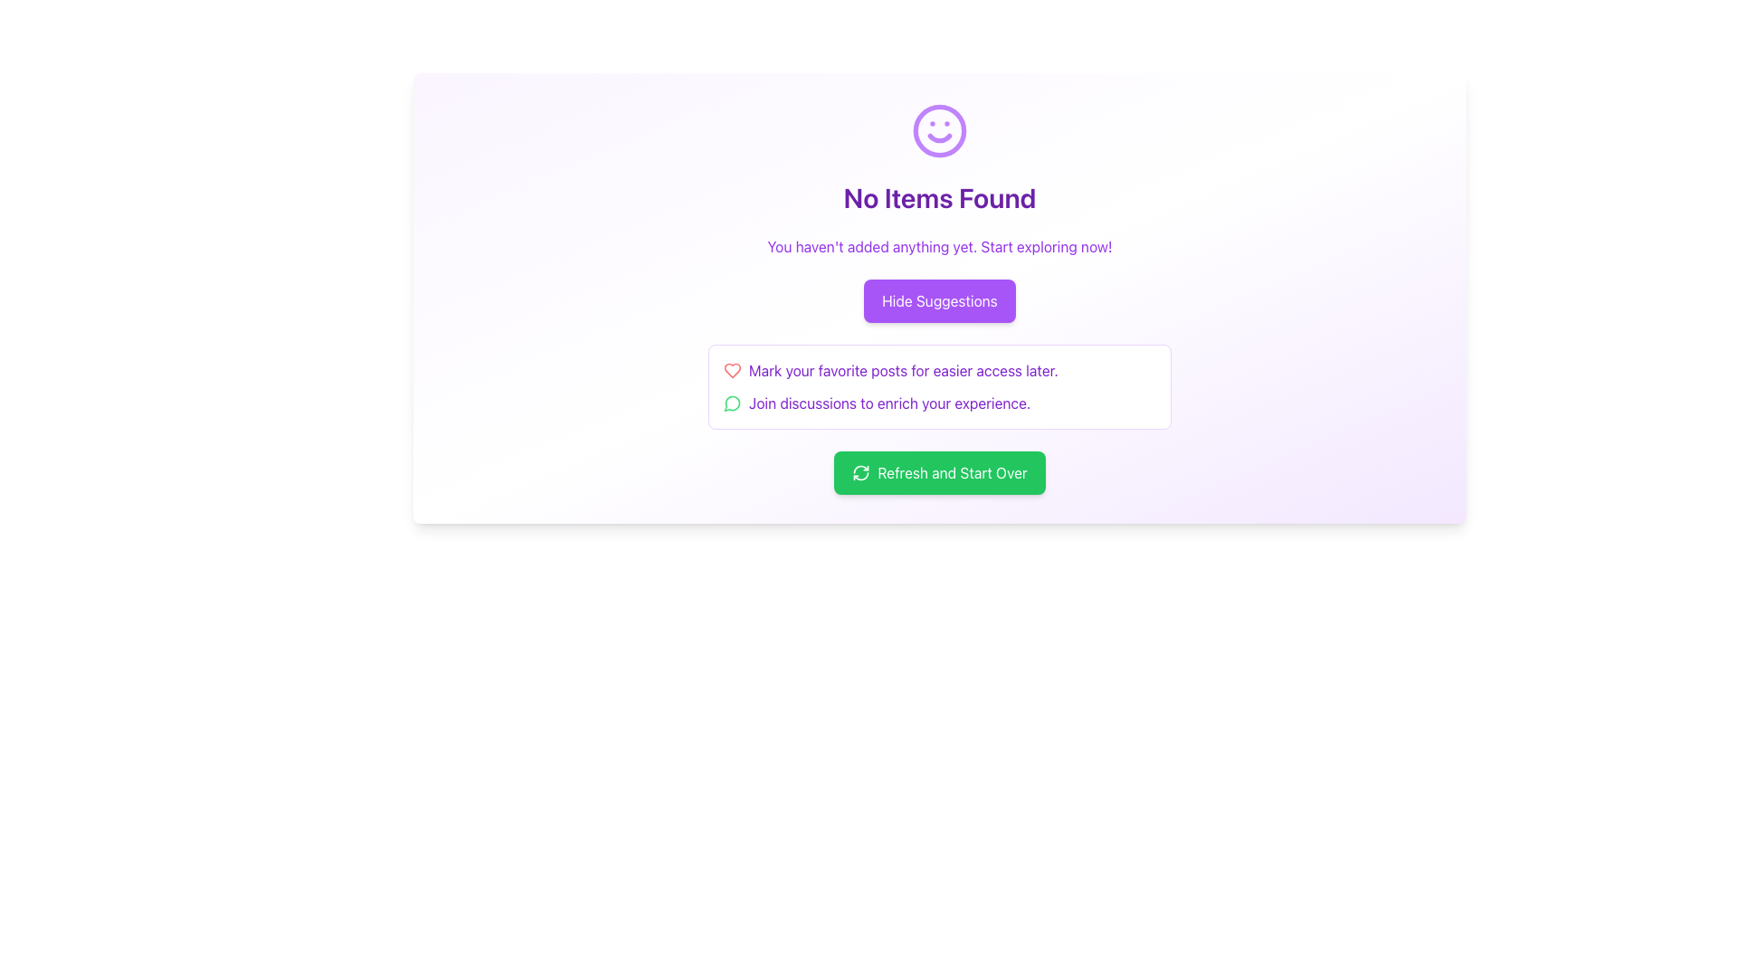  I want to click on the graphical smiley face icon with a purple outline located at the top center of the card interface, above the text 'No Items Found', so click(939, 130).